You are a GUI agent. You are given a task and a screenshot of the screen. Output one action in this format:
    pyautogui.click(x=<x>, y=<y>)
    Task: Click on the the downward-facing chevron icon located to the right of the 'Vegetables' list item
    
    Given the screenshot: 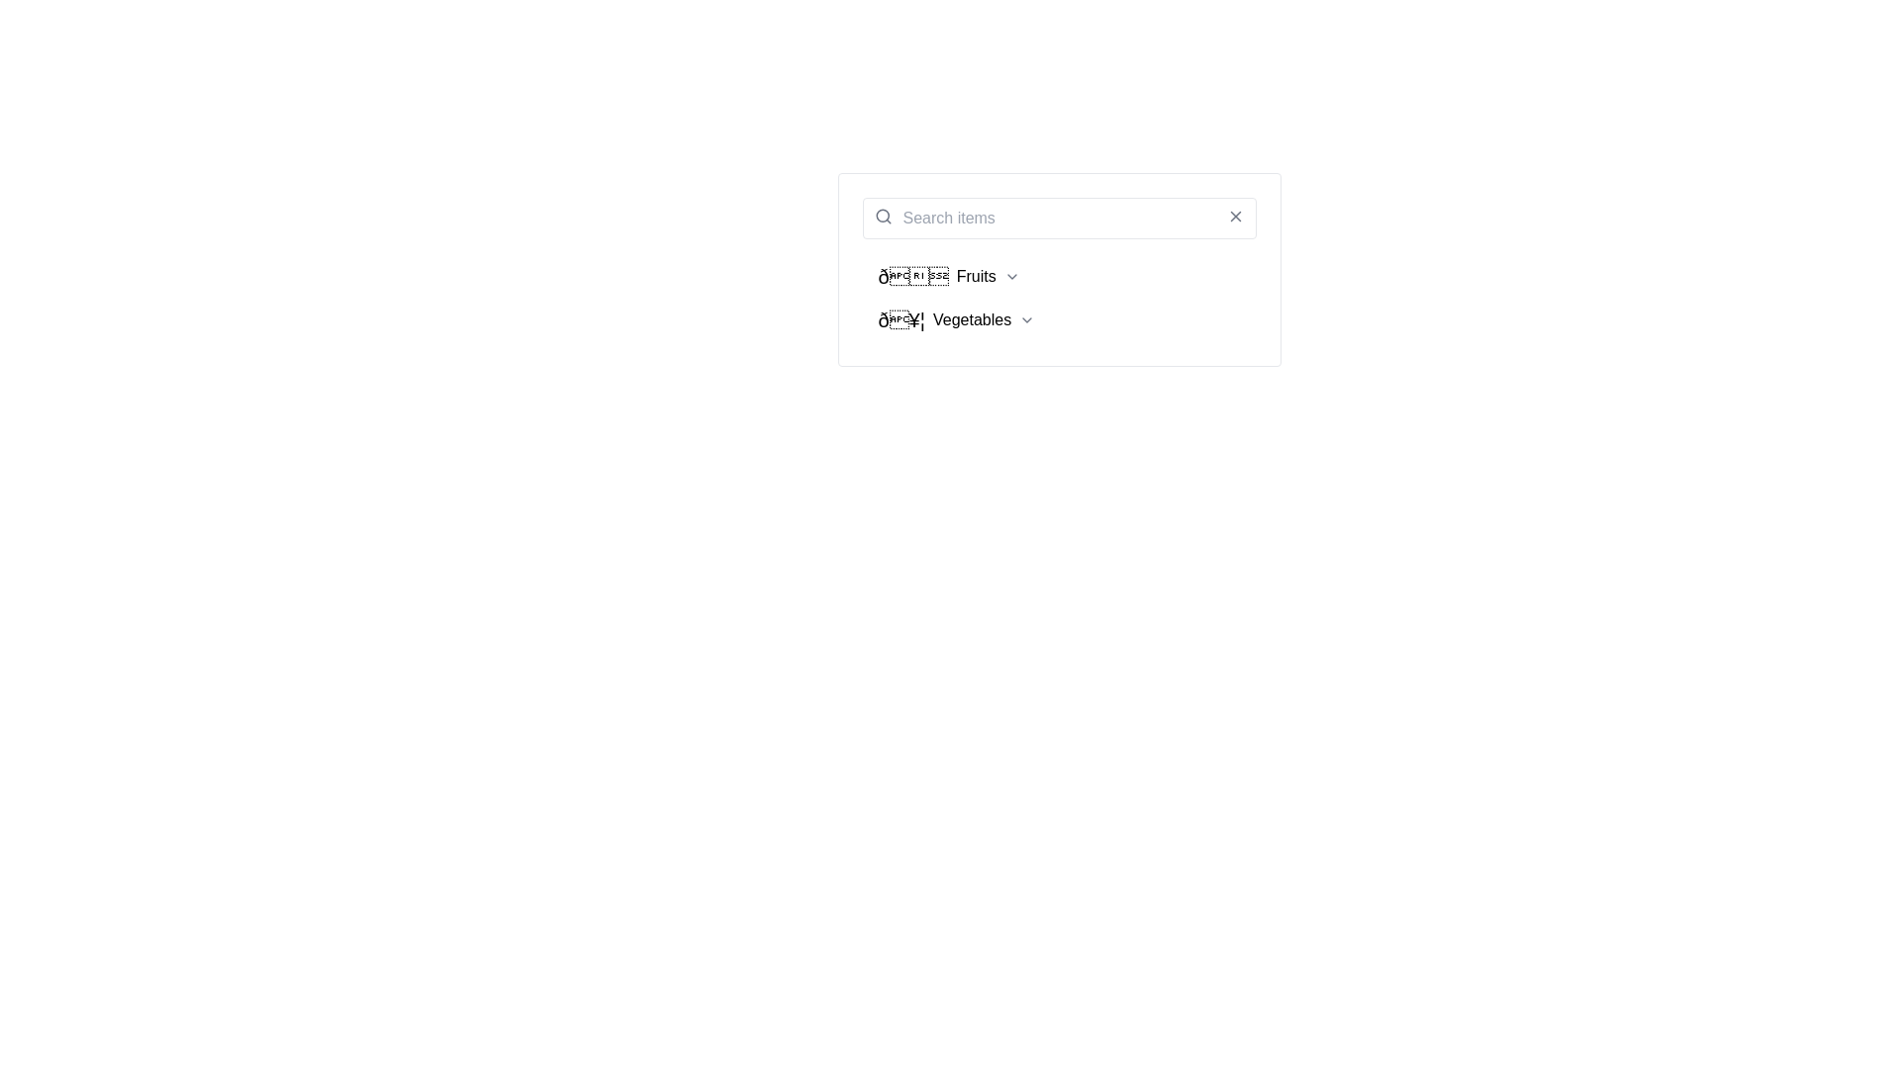 What is the action you would take?
    pyautogui.click(x=1027, y=319)
    